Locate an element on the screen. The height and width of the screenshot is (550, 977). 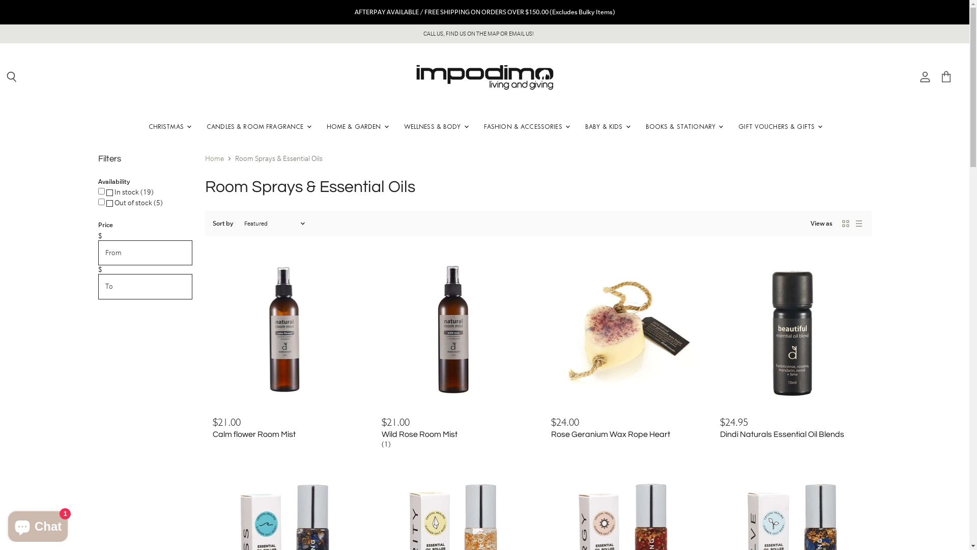
'List icon' is located at coordinates (858, 223).